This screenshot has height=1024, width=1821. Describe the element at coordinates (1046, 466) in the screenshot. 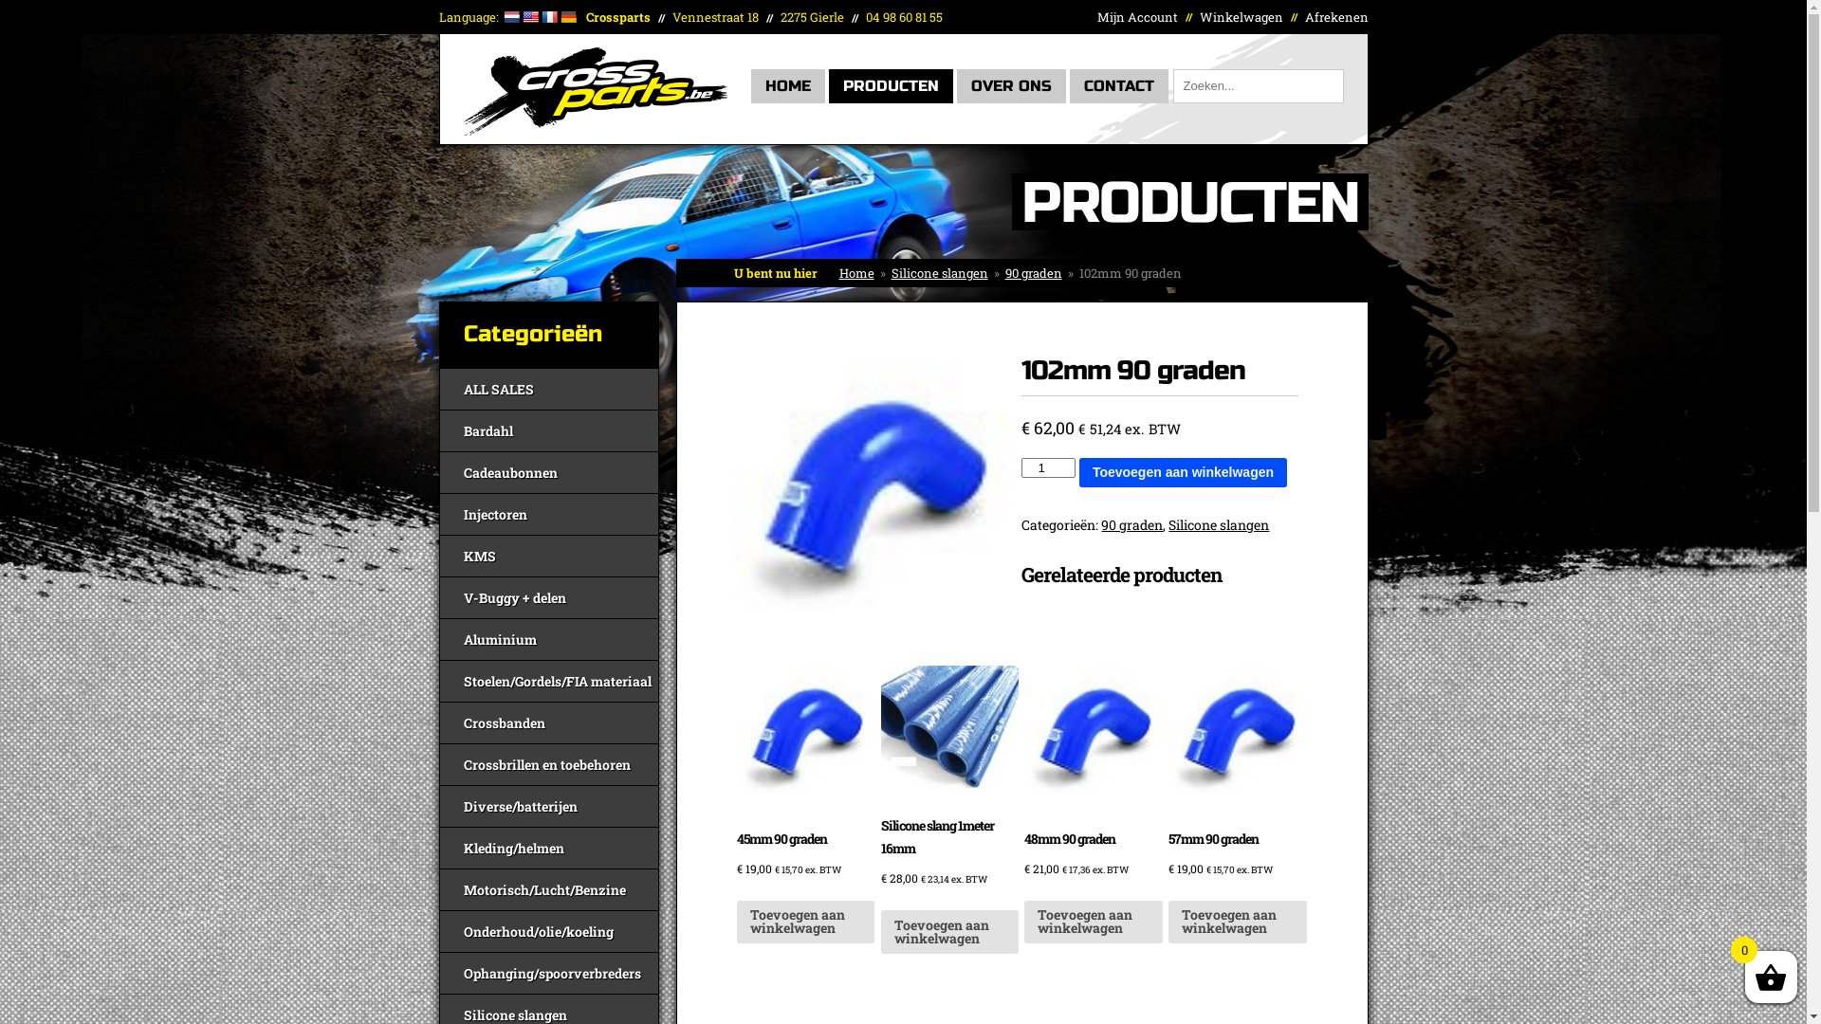

I see `'Aantal'` at that location.